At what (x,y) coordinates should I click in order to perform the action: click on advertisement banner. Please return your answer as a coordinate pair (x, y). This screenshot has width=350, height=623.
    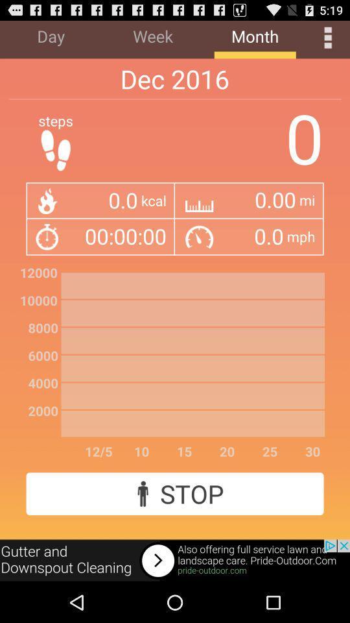
    Looking at the image, I should click on (175, 560).